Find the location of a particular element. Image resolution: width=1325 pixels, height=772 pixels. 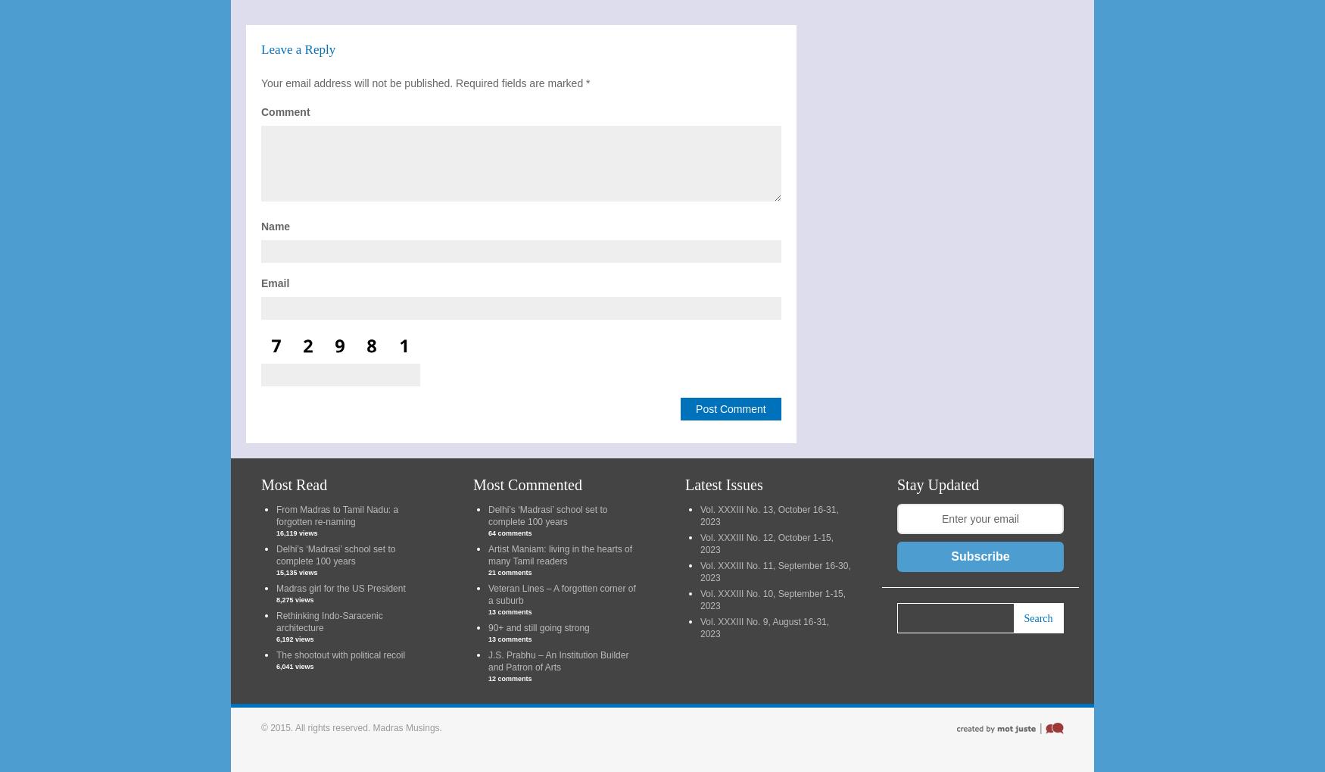

'12 comments' is located at coordinates (488, 679).